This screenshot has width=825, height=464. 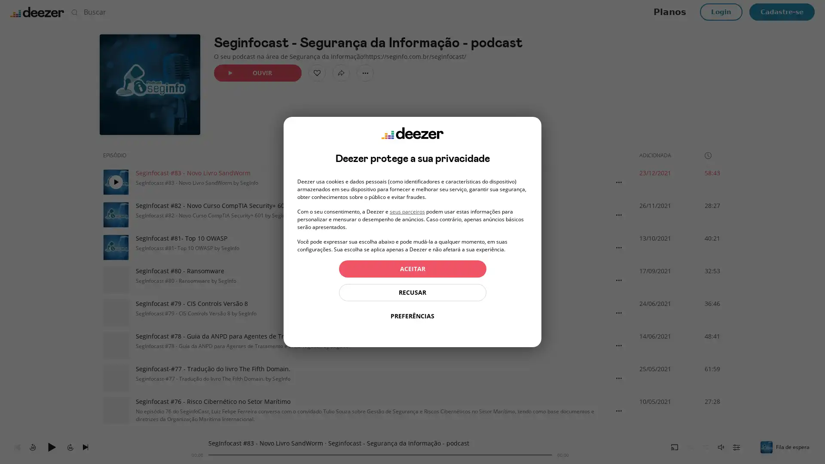 I want to click on OUVIR, so click(x=257, y=72).